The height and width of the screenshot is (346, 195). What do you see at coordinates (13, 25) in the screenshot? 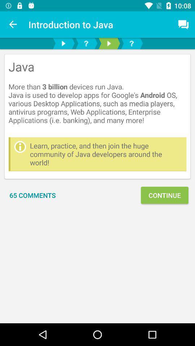
I see `the icon above the java  more item` at bounding box center [13, 25].